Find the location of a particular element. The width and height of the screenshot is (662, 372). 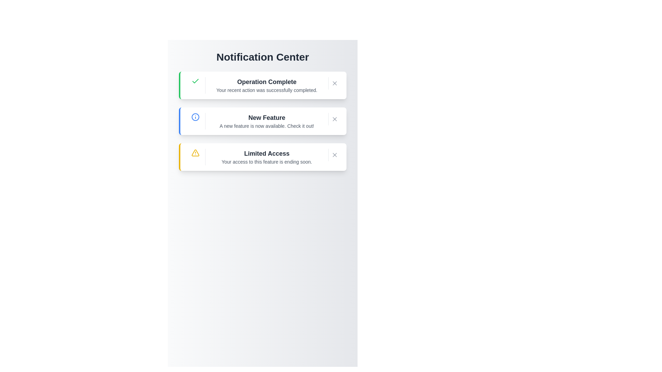

important notification text inside the third notification card located in the Notification Center, below the 'Operation Complete' and 'New Feature' notifications is located at coordinates (266, 157).